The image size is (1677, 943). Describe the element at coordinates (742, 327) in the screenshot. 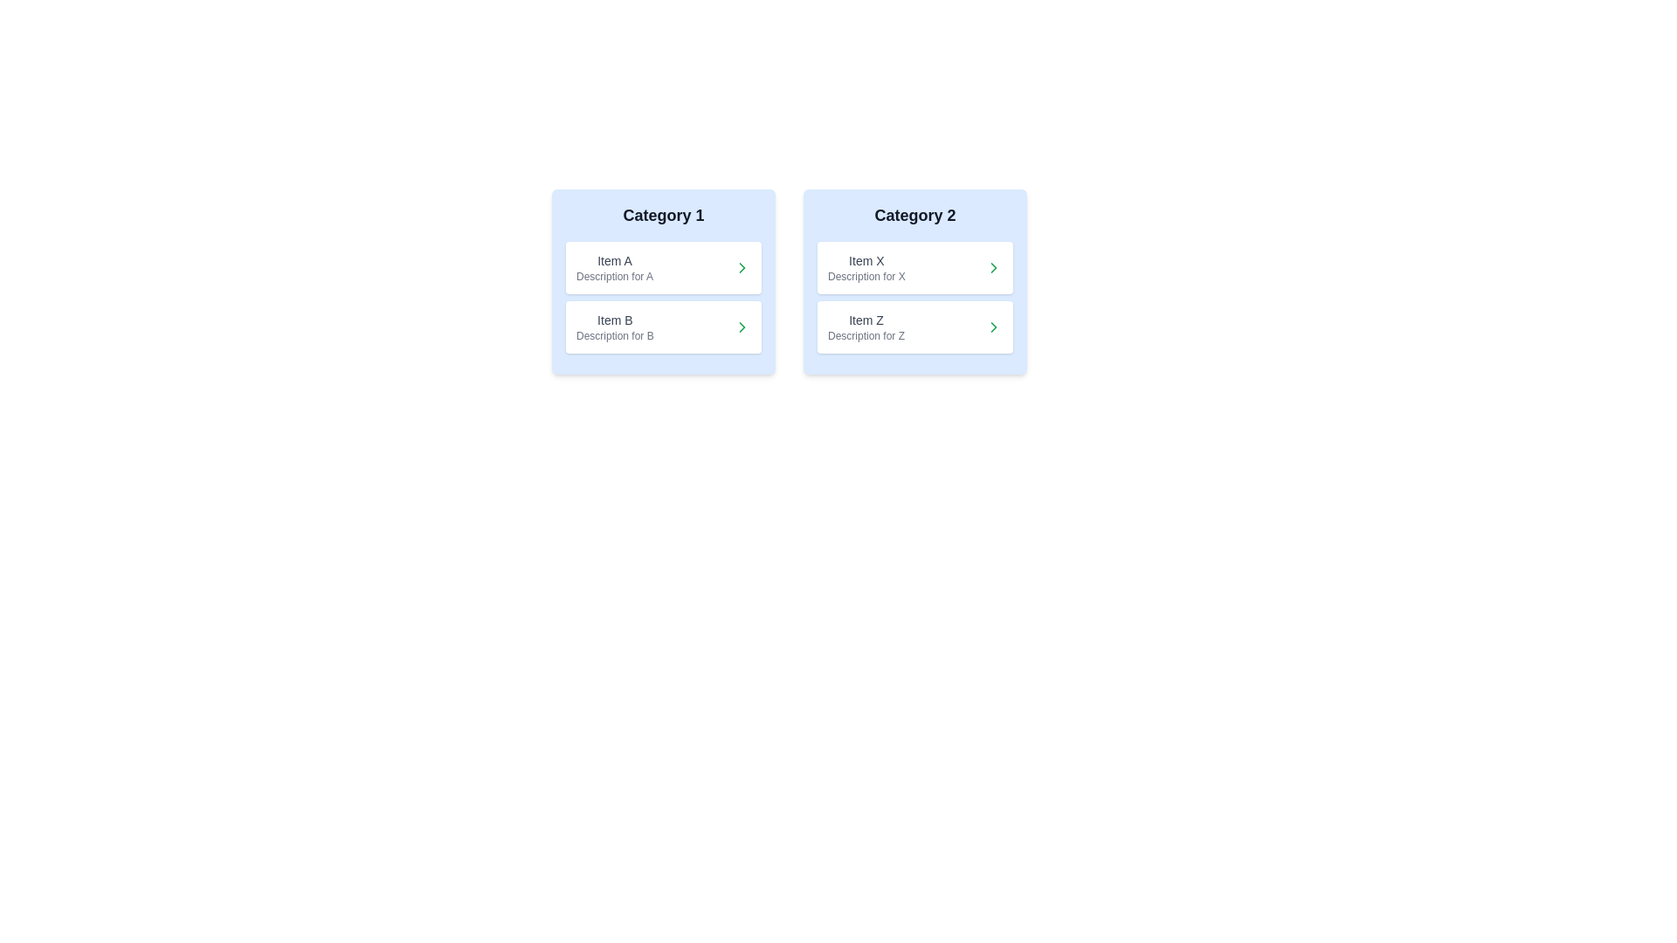

I see `the transfer button for Item B to move it to the other category` at that location.